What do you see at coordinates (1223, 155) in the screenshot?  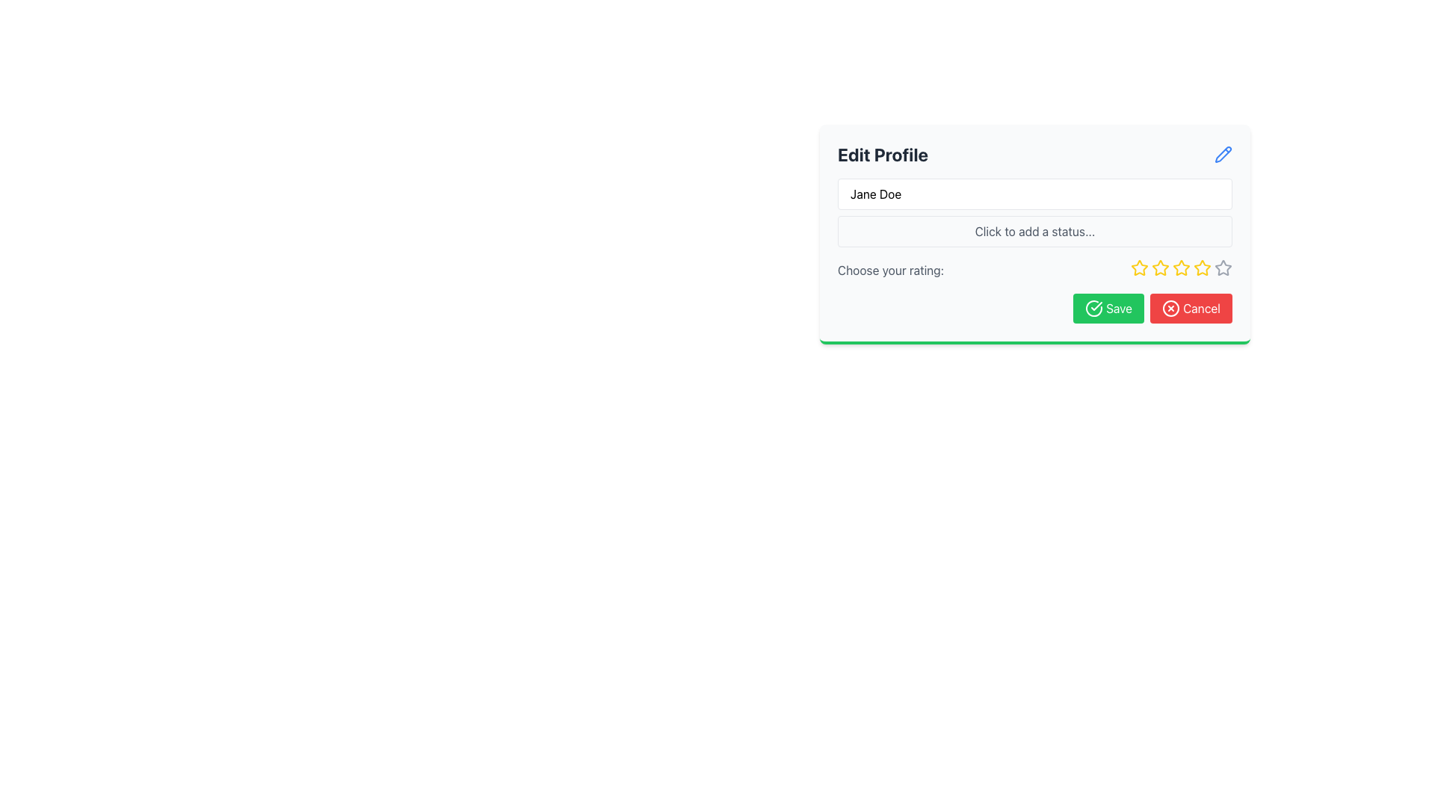 I see `the small blue pencil icon located at the far-right side of the header within the box labeled 'Edit Profile'` at bounding box center [1223, 155].